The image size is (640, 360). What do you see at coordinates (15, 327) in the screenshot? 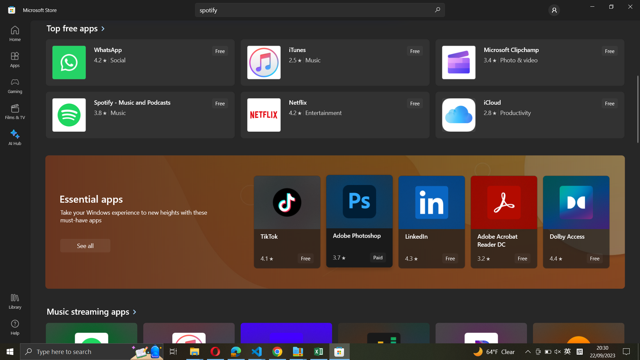
I see `Help tool` at bounding box center [15, 327].